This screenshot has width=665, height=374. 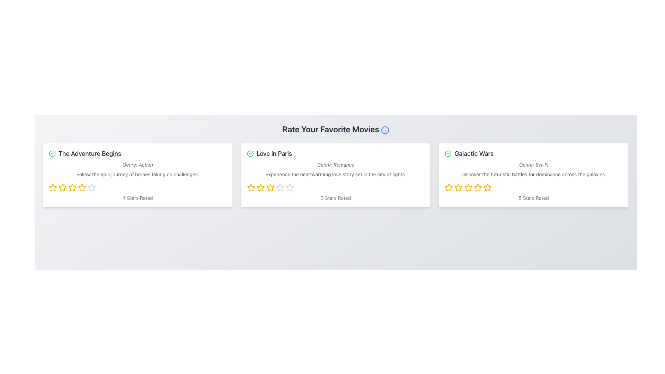 What do you see at coordinates (533, 174) in the screenshot?
I see `the static text element that provides the description "Discover the futuristic battles for dominance across the galaxies" located underneath the genre of the movie "Galactic Wars."` at bounding box center [533, 174].